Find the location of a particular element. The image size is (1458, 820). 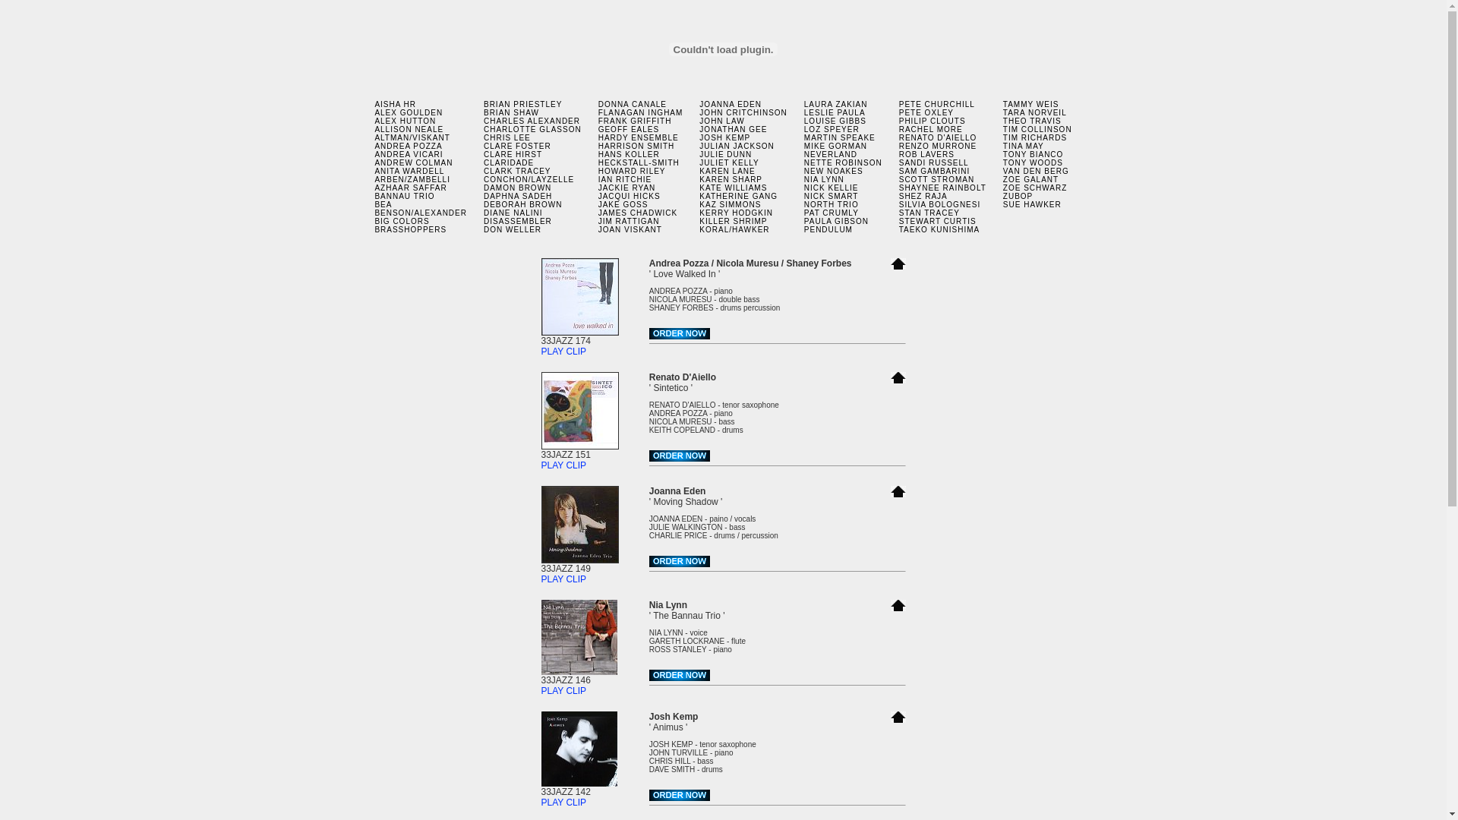

'KATHERINE GANG' is located at coordinates (738, 195).